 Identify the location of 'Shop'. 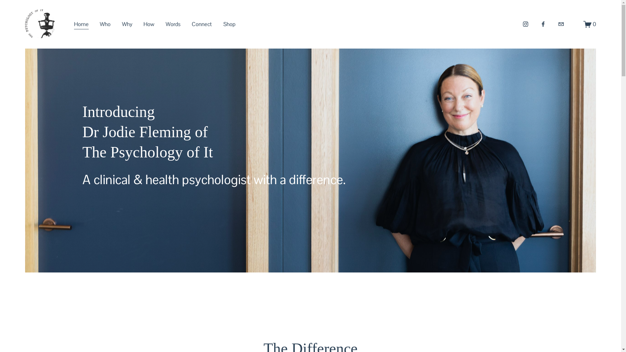
(229, 23).